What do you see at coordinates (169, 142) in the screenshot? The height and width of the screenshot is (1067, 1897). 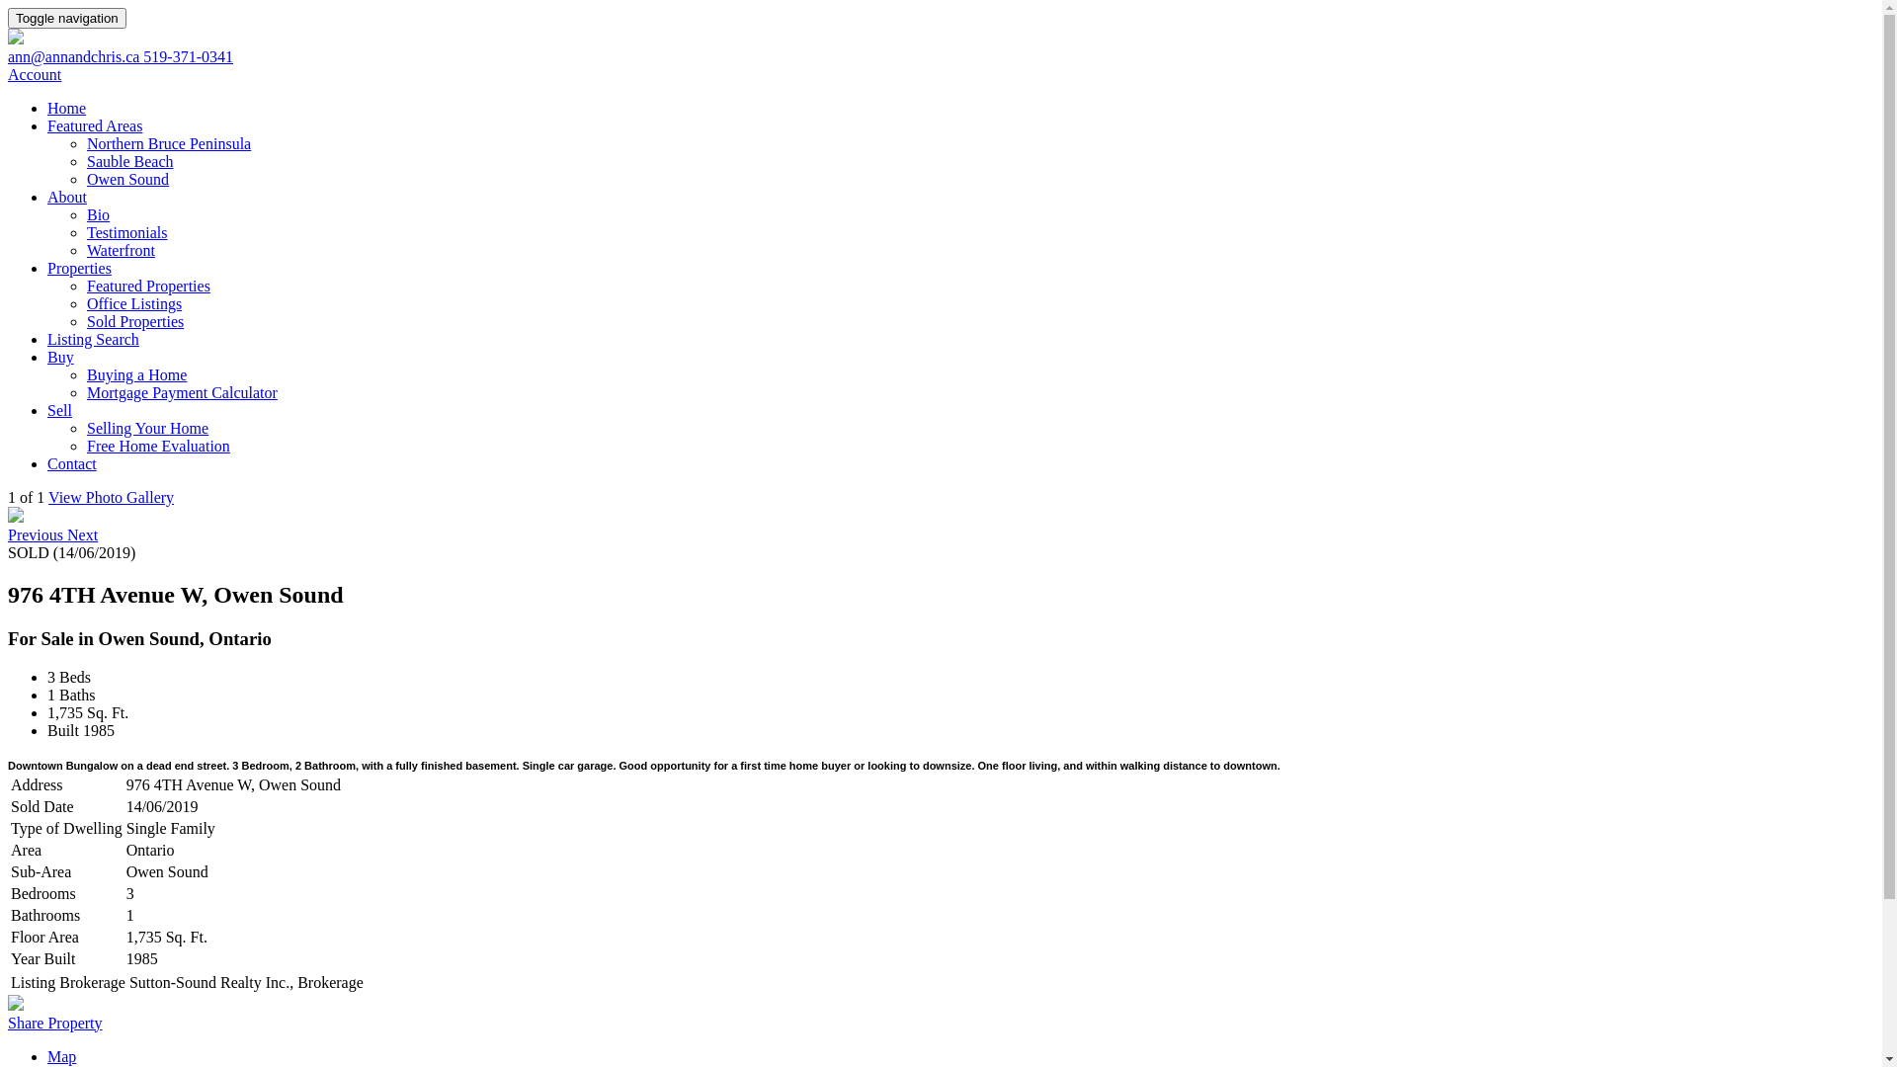 I see `'Northern Bruce Peninsula'` at bounding box center [169, 142].